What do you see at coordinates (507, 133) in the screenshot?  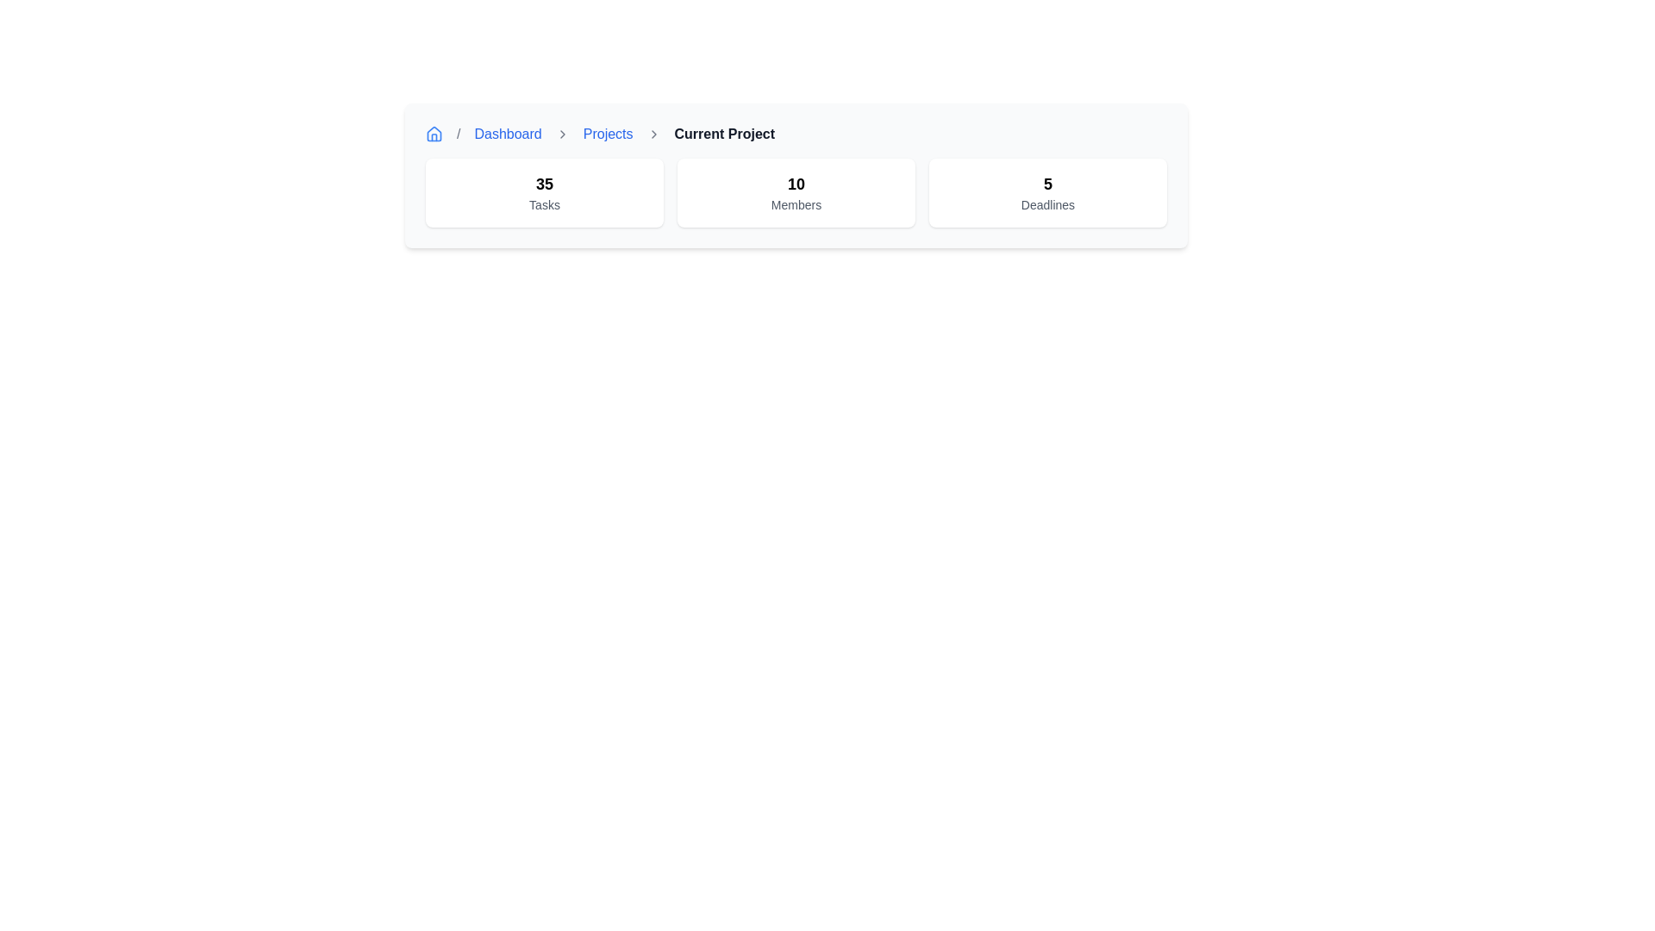 I see `the 'Dashboard' hyperlink in the breadcrumb navigation bar` at bounding box center [507, 133].